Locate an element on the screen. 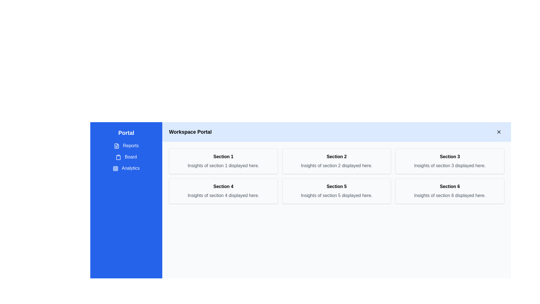 The image size is (540, 304). the small square-shaped button with an 'X' icon in the top-right corner of the 'Workspace Portal' header is located at coordinates (499, 132).